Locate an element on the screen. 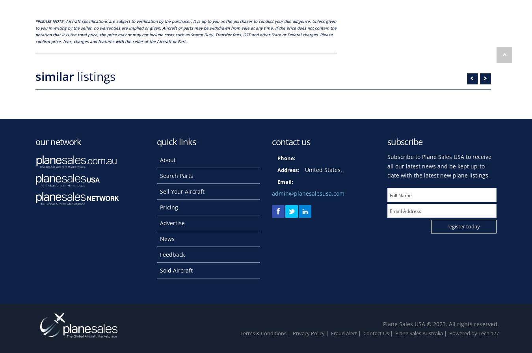 The image size is (532, 353). 'Plane Sales USA © 2023.  All rights reserved.' is located at coordinates (440, 323).